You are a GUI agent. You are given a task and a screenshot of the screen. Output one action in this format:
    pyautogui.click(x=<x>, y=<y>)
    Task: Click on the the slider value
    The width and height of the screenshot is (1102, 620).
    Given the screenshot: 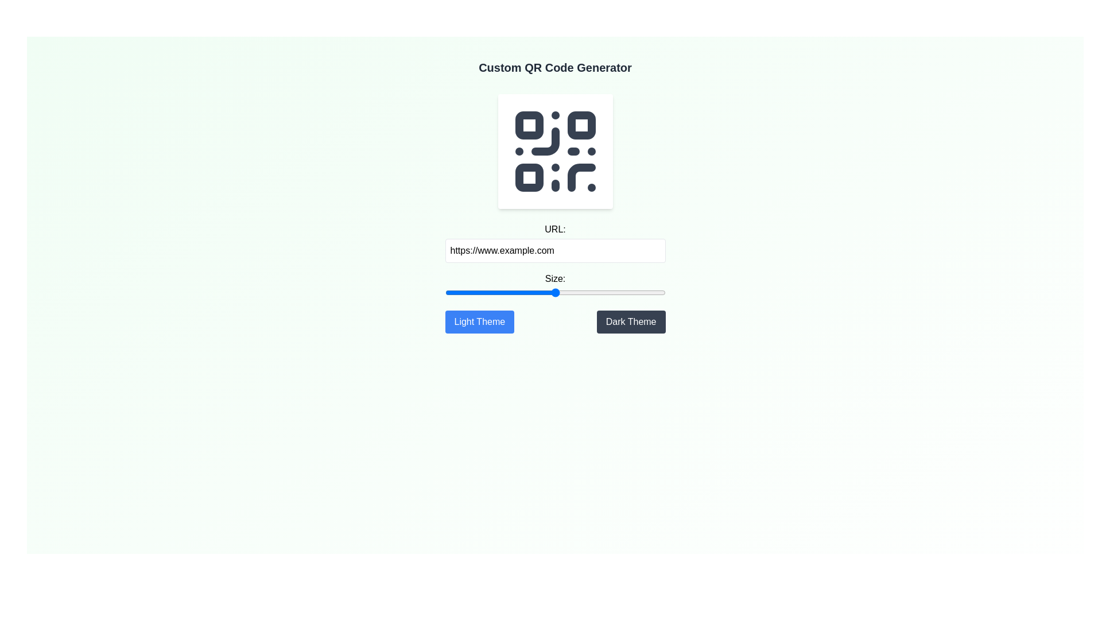 What is the action you would take?
    pyautogui.click(x=472, y=292)
    